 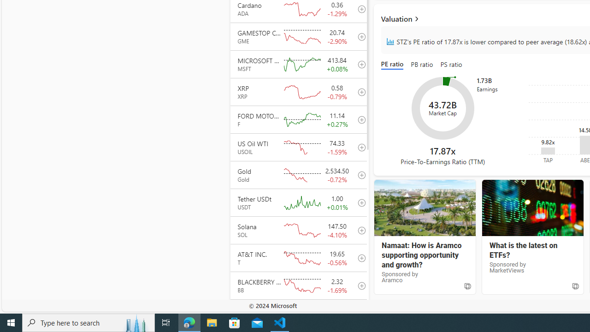 What do you see at coordinates (451, 65) in the screenshot?
I see `'PS ratio'` at bounding box center [451, 65].